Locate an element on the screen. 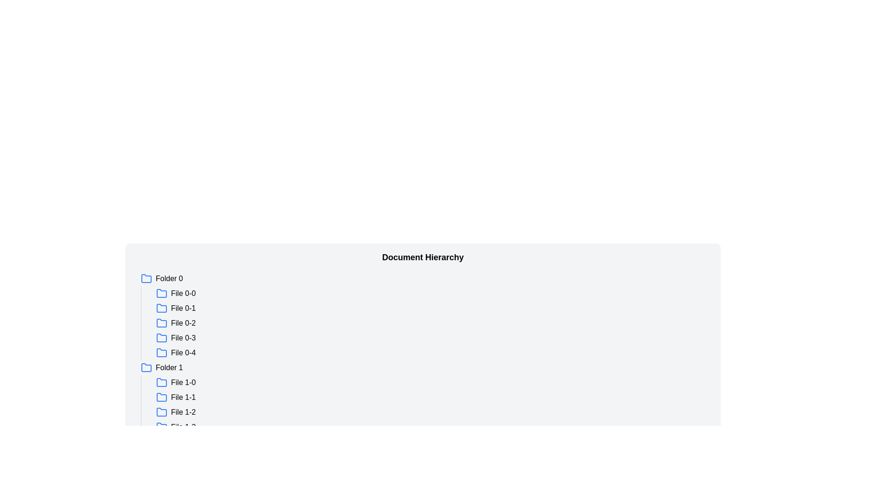  text of the label displaying 'File 0-0', which is positioned to the right of a blue folder icon, under the 'Folder 0' header is located at coordinates (183, 293).